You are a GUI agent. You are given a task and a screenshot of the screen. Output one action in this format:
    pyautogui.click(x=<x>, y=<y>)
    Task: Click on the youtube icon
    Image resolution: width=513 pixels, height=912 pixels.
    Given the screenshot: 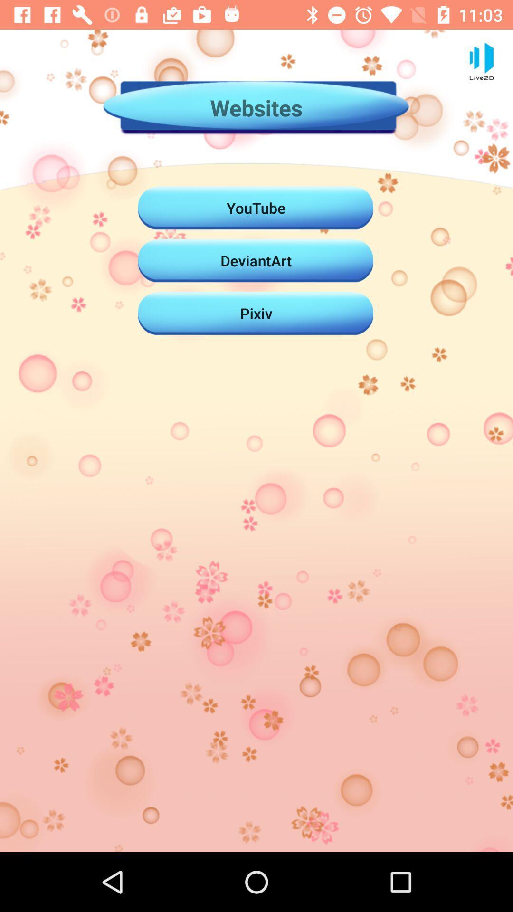 What is the action you would take?
    pyautogui.click(x=256, y=207)
    